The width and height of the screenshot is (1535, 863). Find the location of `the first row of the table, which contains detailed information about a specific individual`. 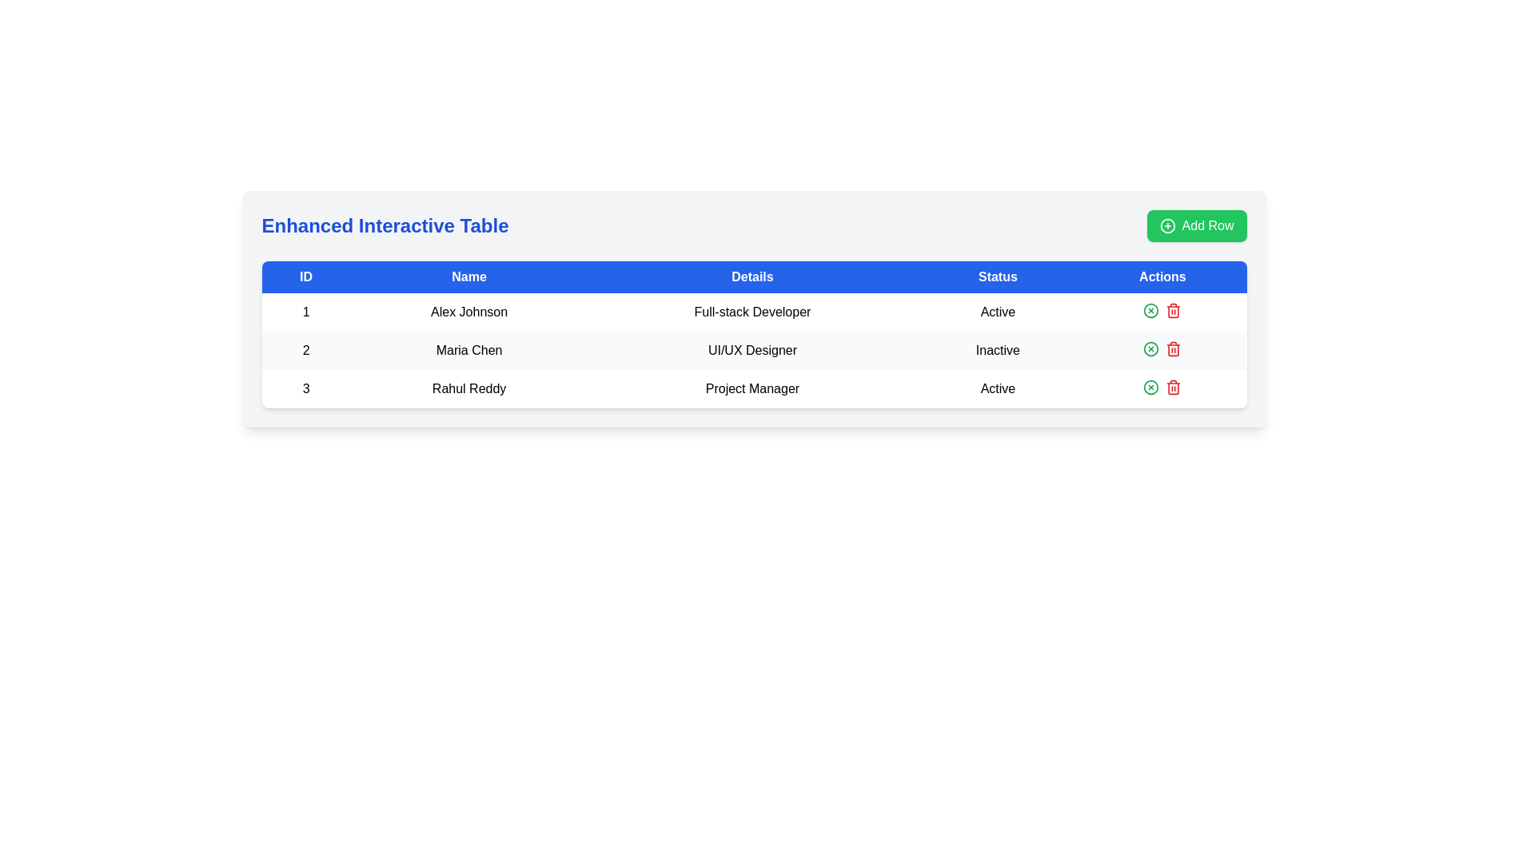

the first row of the table, which contains detailed information about a specific individual is located at coordinates (753, 312).